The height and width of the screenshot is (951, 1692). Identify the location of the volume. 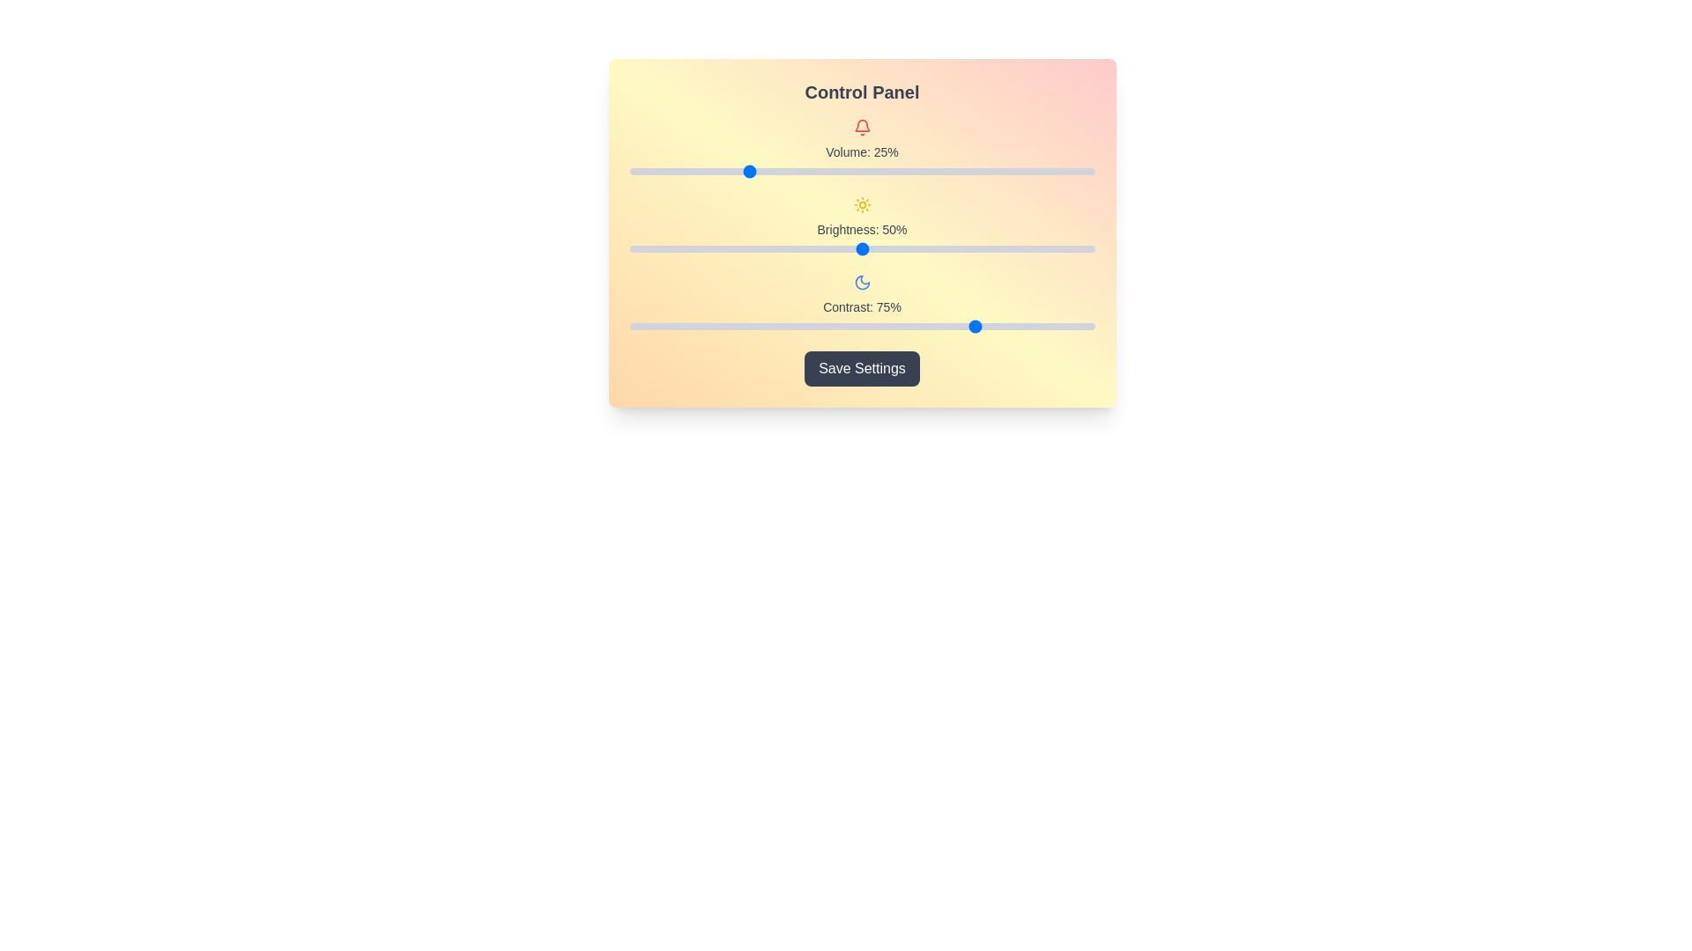
(642, 172).